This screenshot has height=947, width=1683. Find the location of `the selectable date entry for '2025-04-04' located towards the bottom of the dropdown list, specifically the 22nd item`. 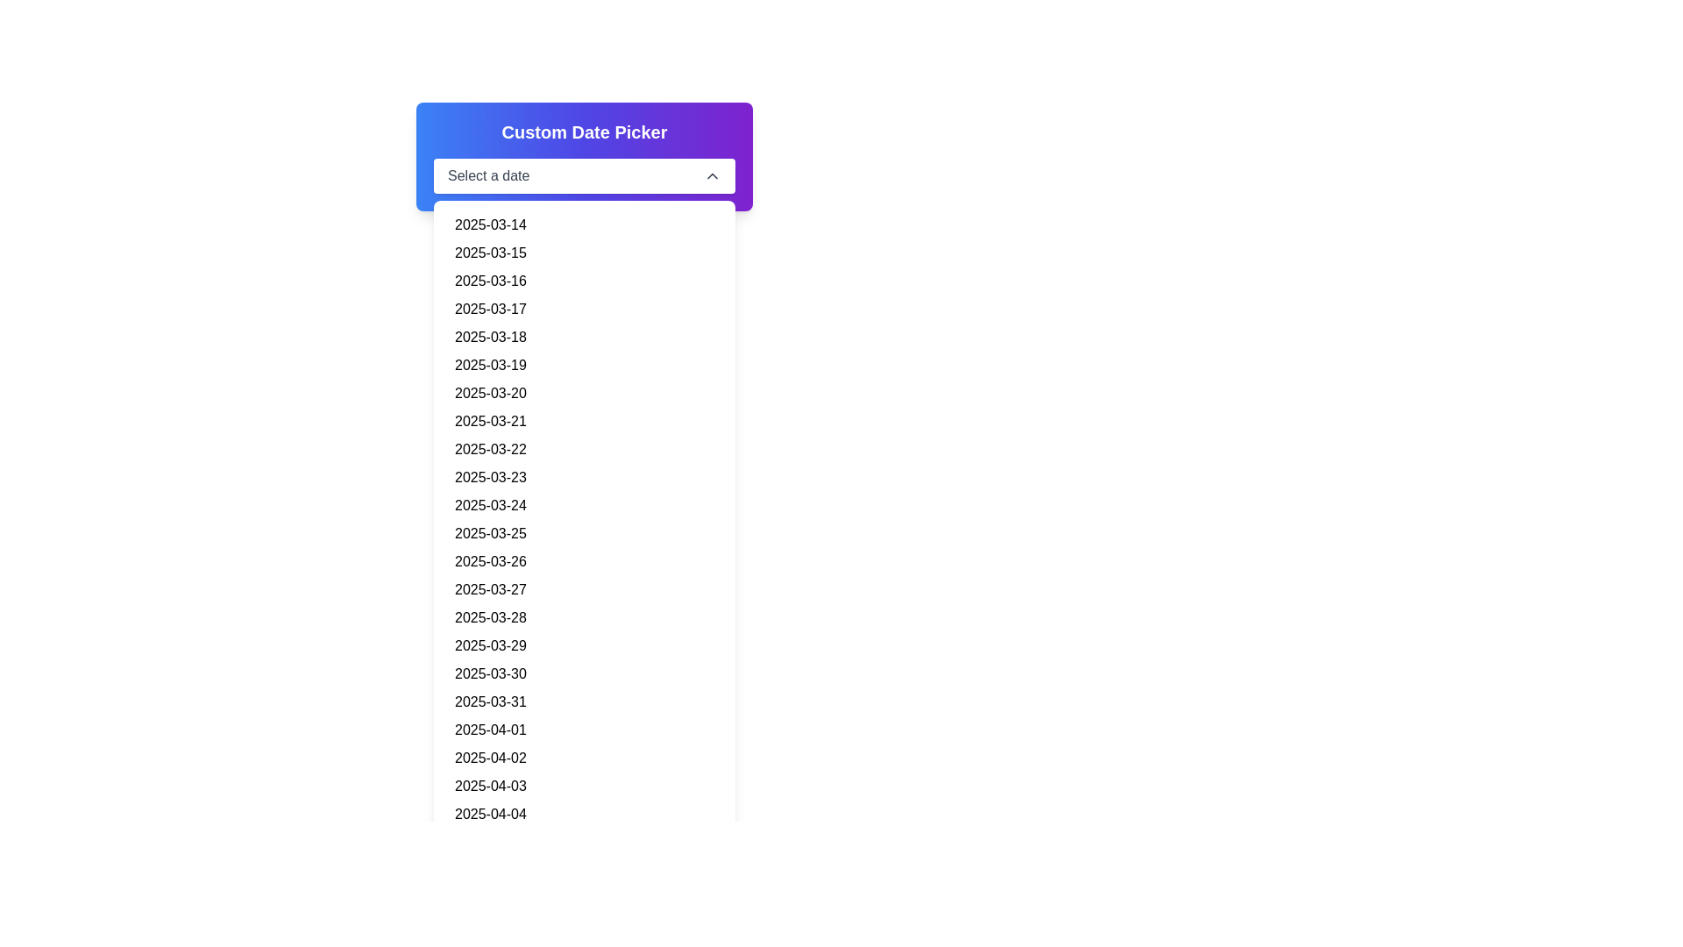

the selectable date entry for '2025-04-04' located towards the bottom of the dropdown list, specifically the 22nd item is located at coordinates (585, 815).